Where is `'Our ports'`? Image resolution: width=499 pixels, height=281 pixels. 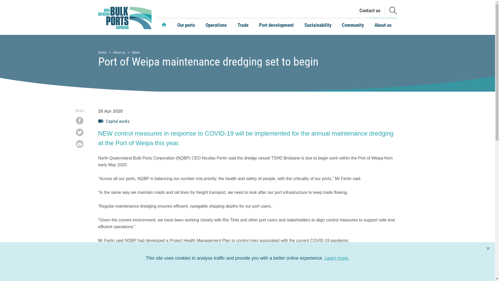
'Our ports' is located at coordinates (172, 25).